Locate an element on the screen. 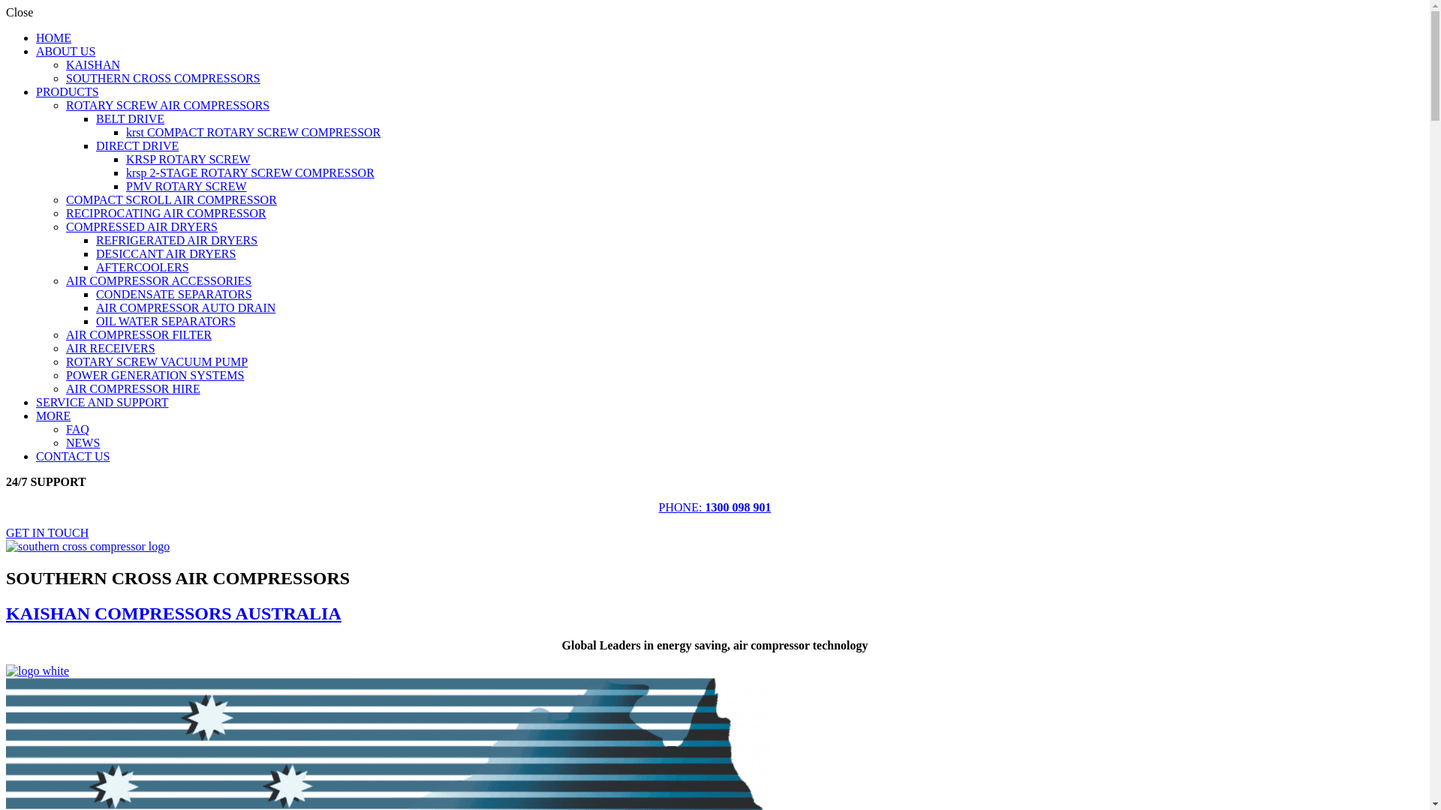 The width and height of the screenshot is (1441, 810). 'PHONE: 1300 098 901' is located at coordinates (659, 506).